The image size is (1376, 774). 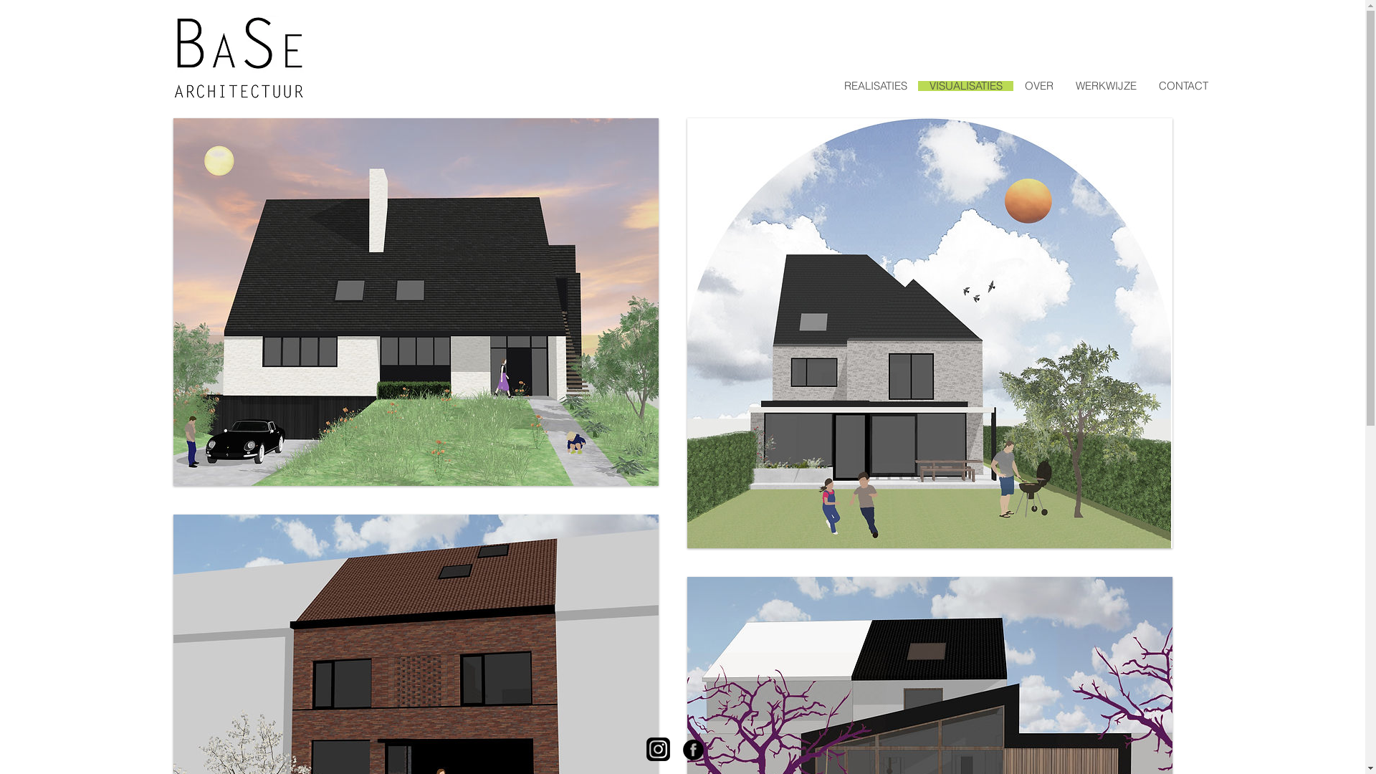 What do you see at coordinates (657, 748) in the screenshot?
I see `'instagram.png'` at bounding box center [657, 748].